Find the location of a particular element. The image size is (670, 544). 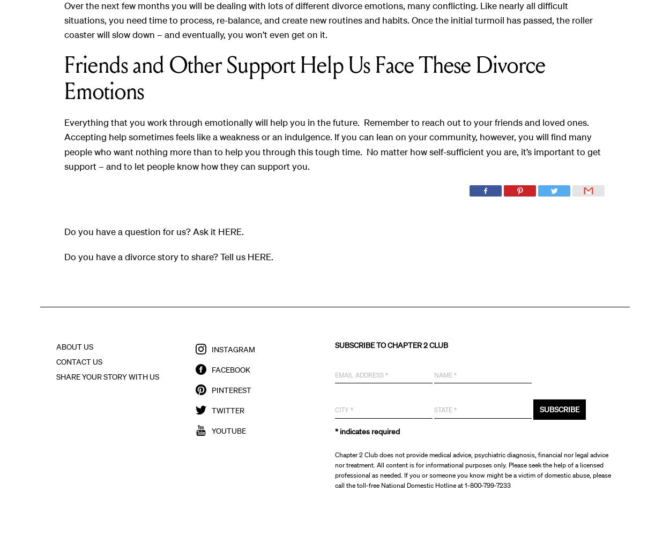

'Instagram' is located at coordinates (233, 349).